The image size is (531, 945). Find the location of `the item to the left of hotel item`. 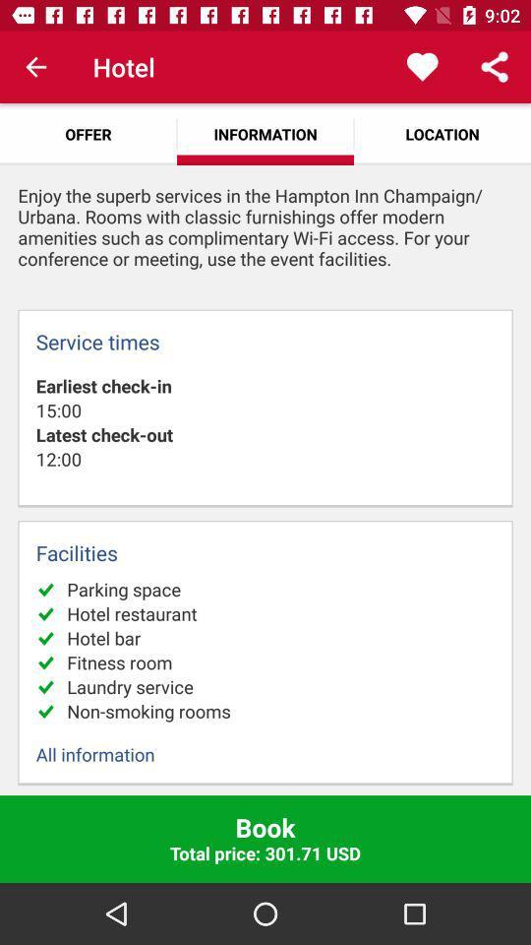

the item to the left of hotel item is located at coordinates (35, 67).